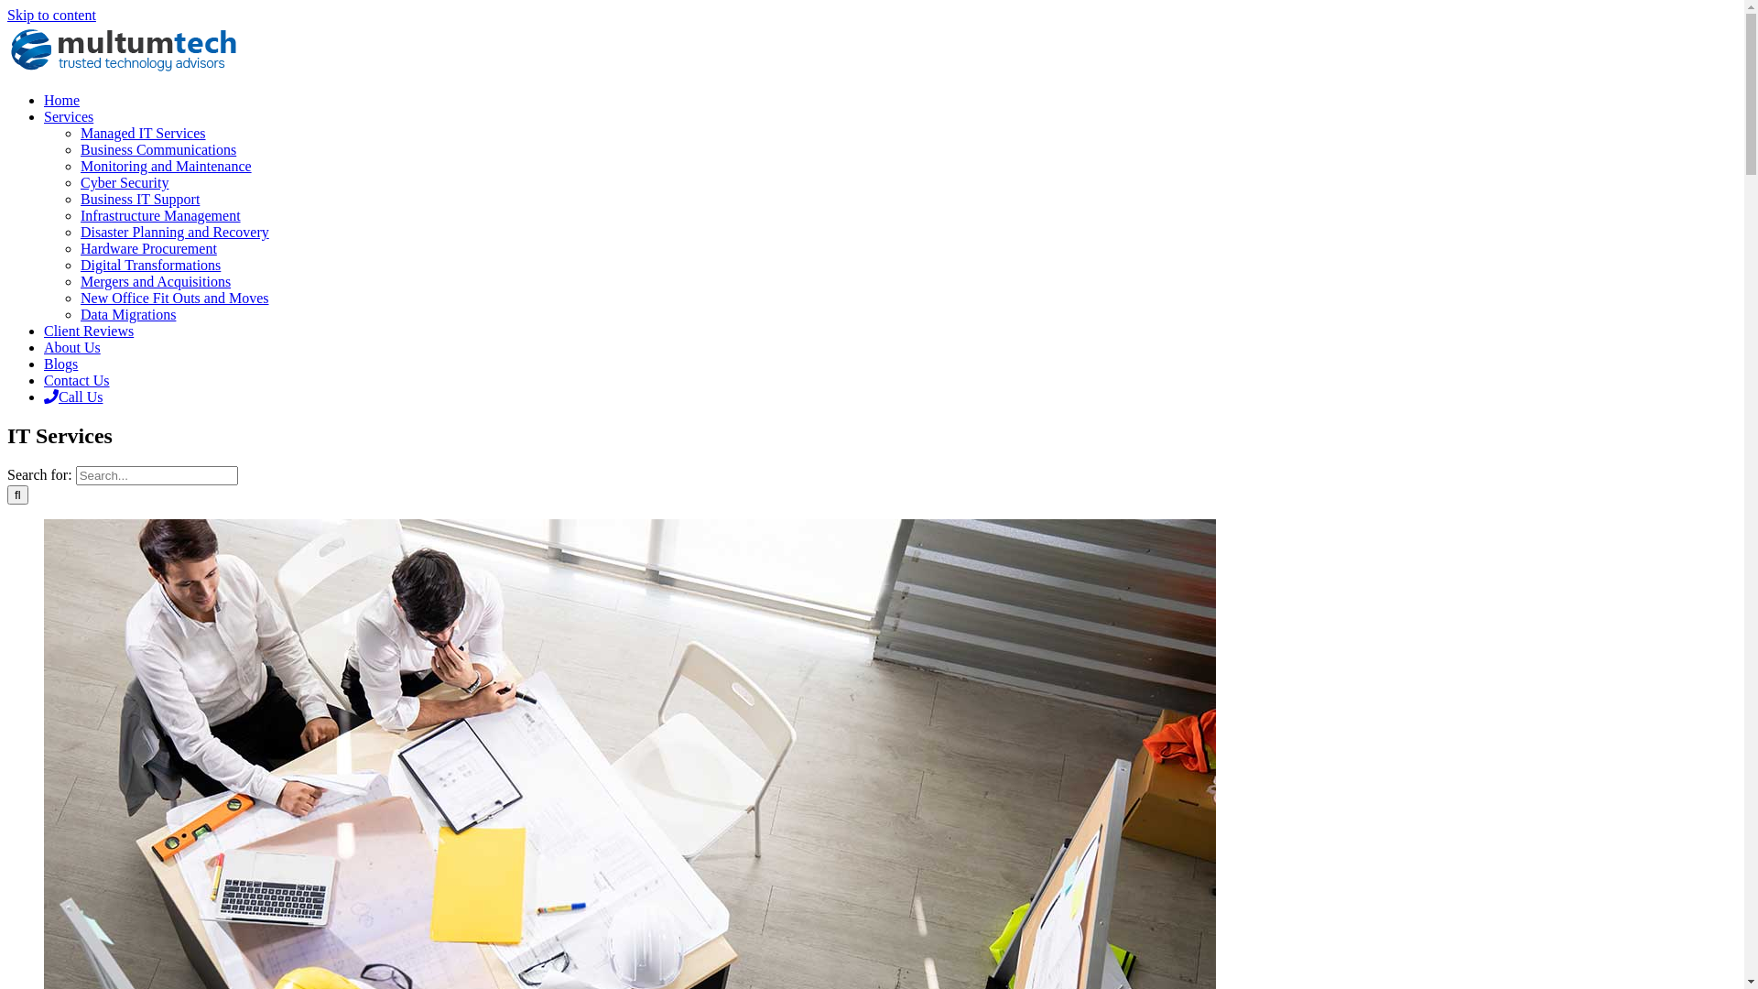 The width and height of the screenshot is (1758, 989). What do you see at coordinates (61, 100) in the screenshot?
I see `'Home'` at bounding box center [61, 100].